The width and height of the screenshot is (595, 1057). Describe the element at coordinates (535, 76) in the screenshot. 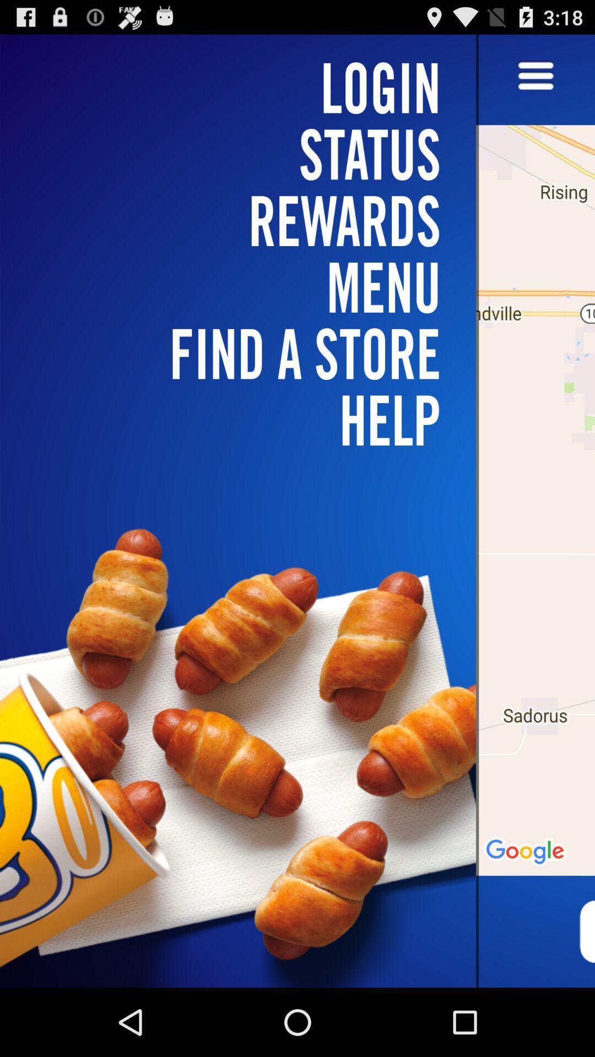

I see `menu` at that location.